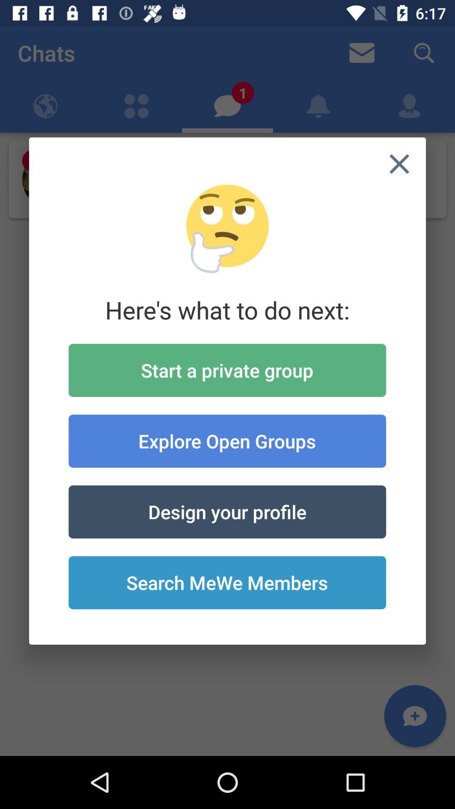  What do you see at coordinates (399, 164) in the screenshot?
I see `icon at the top right corner` at bounding box center [399, 164].